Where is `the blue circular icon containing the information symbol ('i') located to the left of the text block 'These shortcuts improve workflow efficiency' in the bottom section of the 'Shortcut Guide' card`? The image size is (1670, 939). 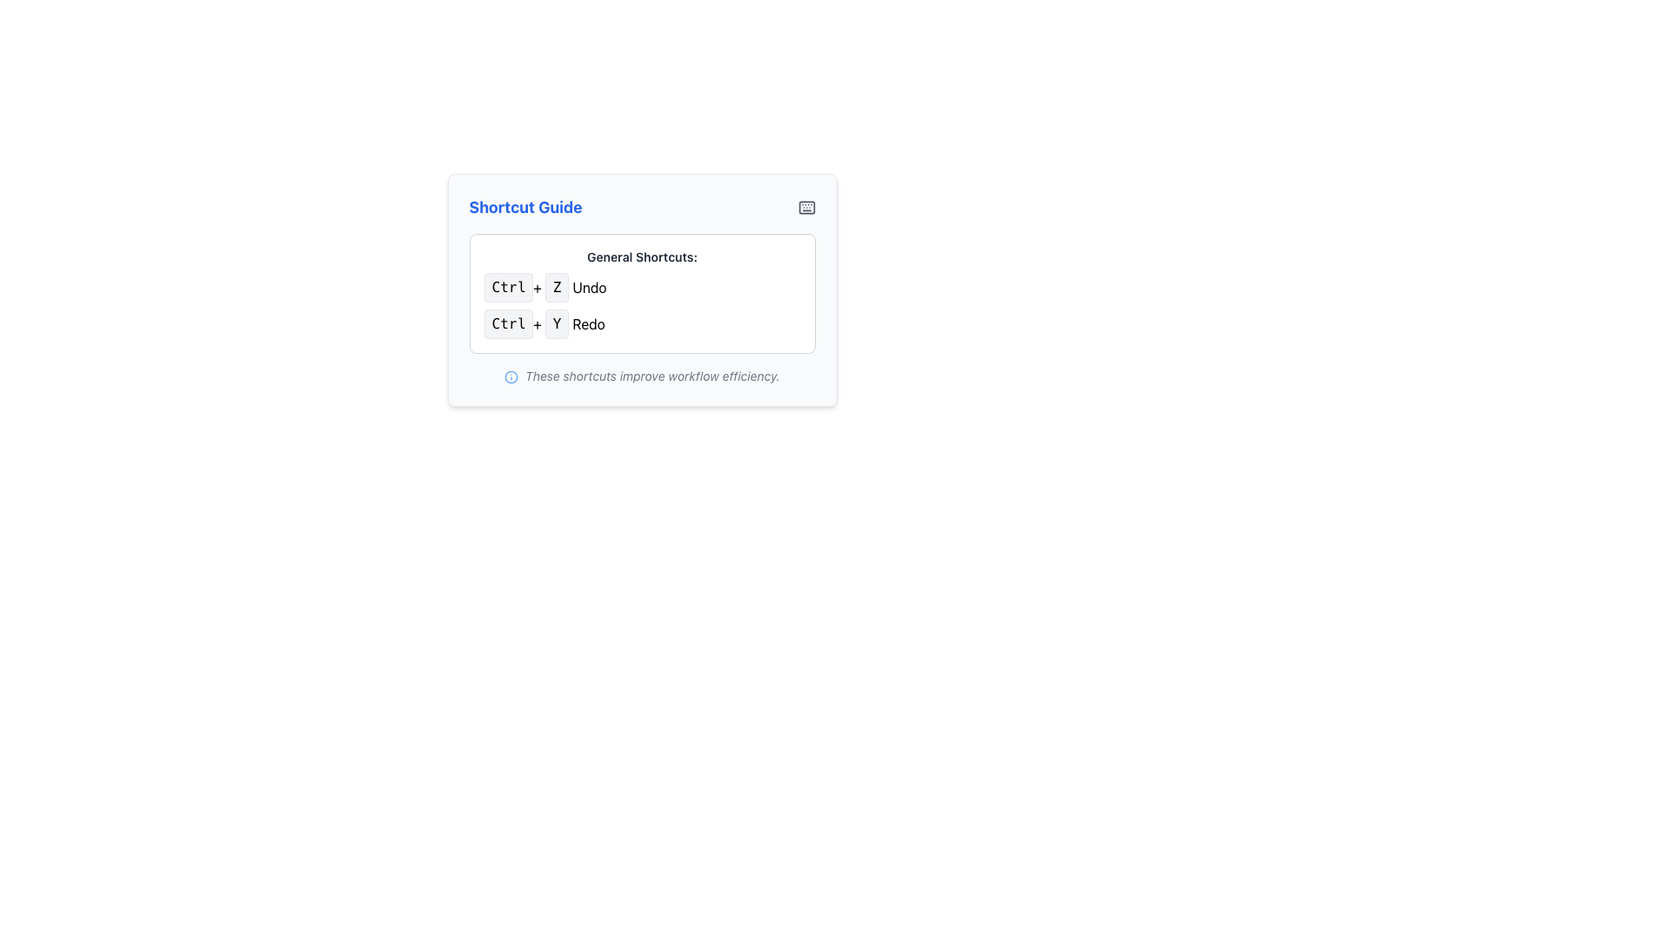 the blue circular icon containing the information symbol ('i') located to the left of the text block 'These shortcuts improve workflow efficiency' in the bottom section of the 'Shortcut Guide' card is located at coordinates (511, 376).